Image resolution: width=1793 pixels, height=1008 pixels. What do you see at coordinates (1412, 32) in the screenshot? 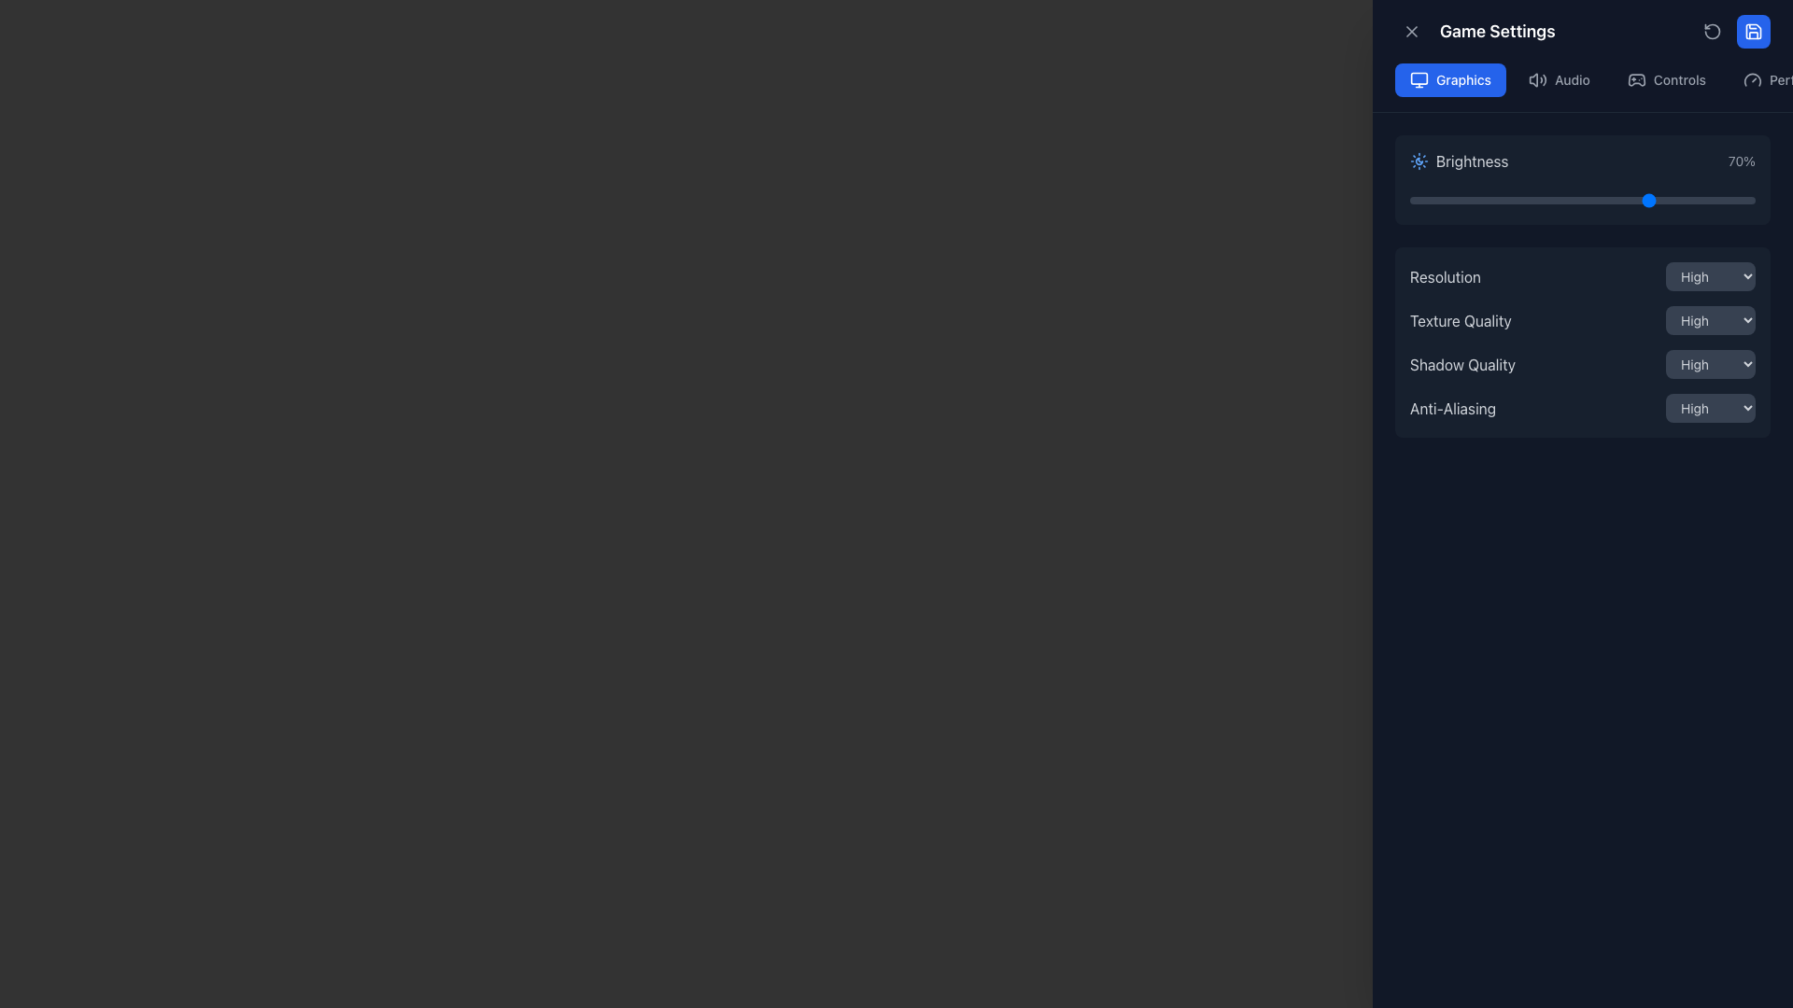
I see `the close button located in the top-left section of the settings panel, adjacent to the title 'Game Settings'` at bounding box center [1412, 32].